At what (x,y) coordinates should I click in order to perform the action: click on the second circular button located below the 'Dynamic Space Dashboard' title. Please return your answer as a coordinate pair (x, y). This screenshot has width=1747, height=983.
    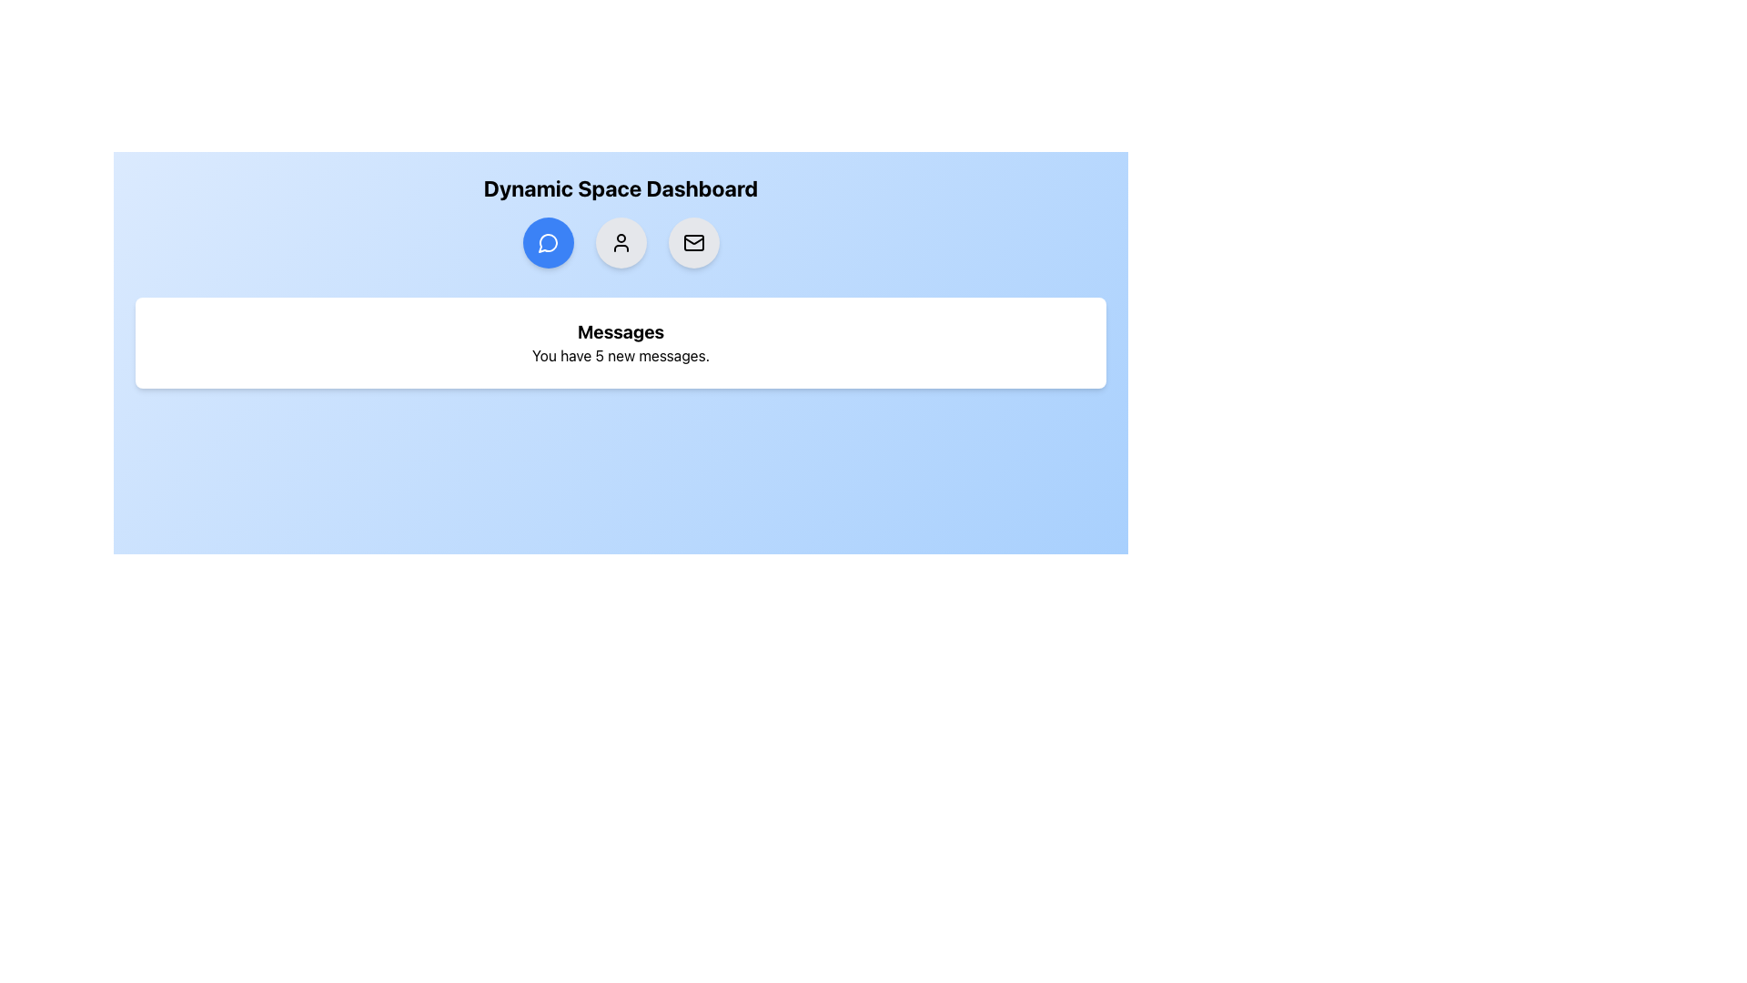
    Looking at the image, I should click on (621, 241).